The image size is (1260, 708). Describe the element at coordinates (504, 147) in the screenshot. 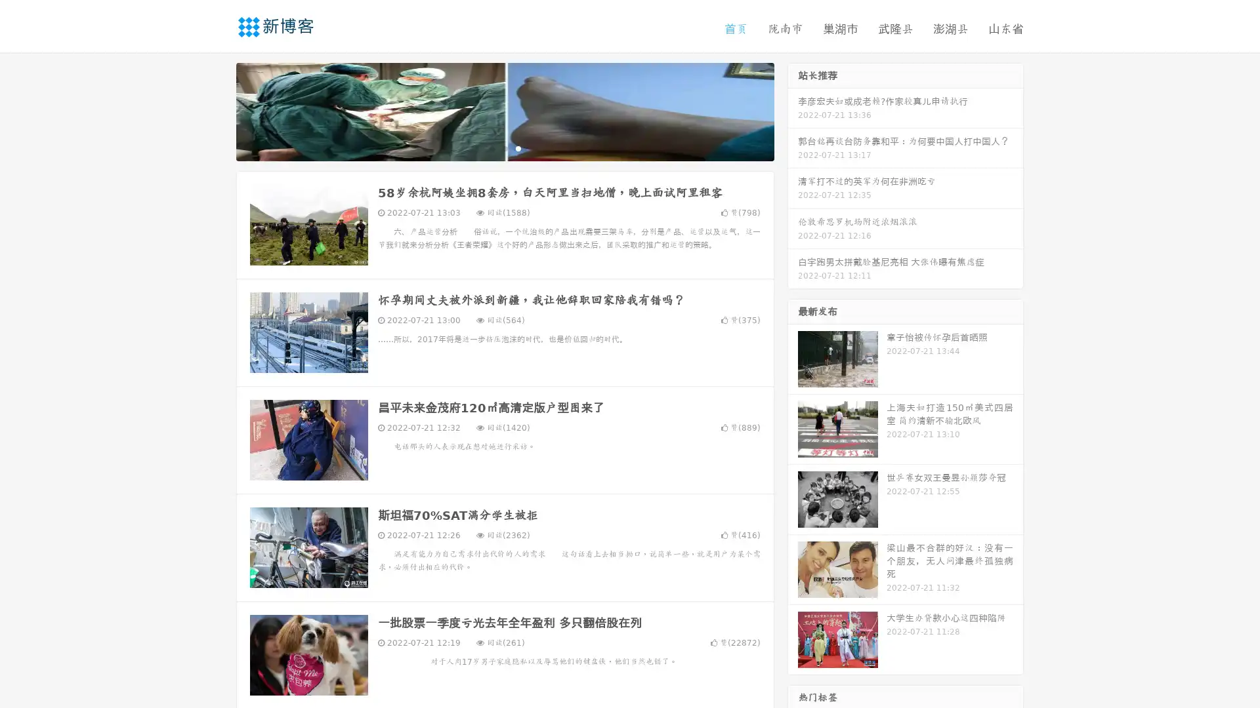

I see `Go to slide 2` at that location.